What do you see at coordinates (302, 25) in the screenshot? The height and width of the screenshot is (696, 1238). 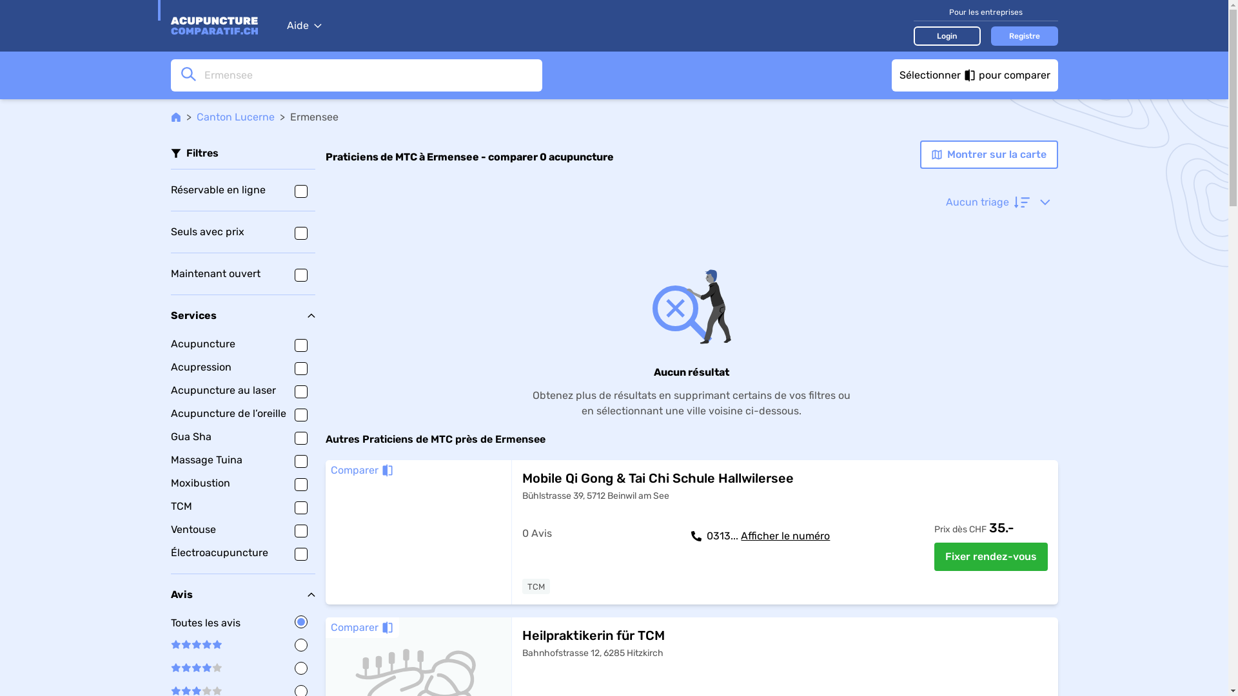 I see `'Aide'` at bounding box center [302, 25].